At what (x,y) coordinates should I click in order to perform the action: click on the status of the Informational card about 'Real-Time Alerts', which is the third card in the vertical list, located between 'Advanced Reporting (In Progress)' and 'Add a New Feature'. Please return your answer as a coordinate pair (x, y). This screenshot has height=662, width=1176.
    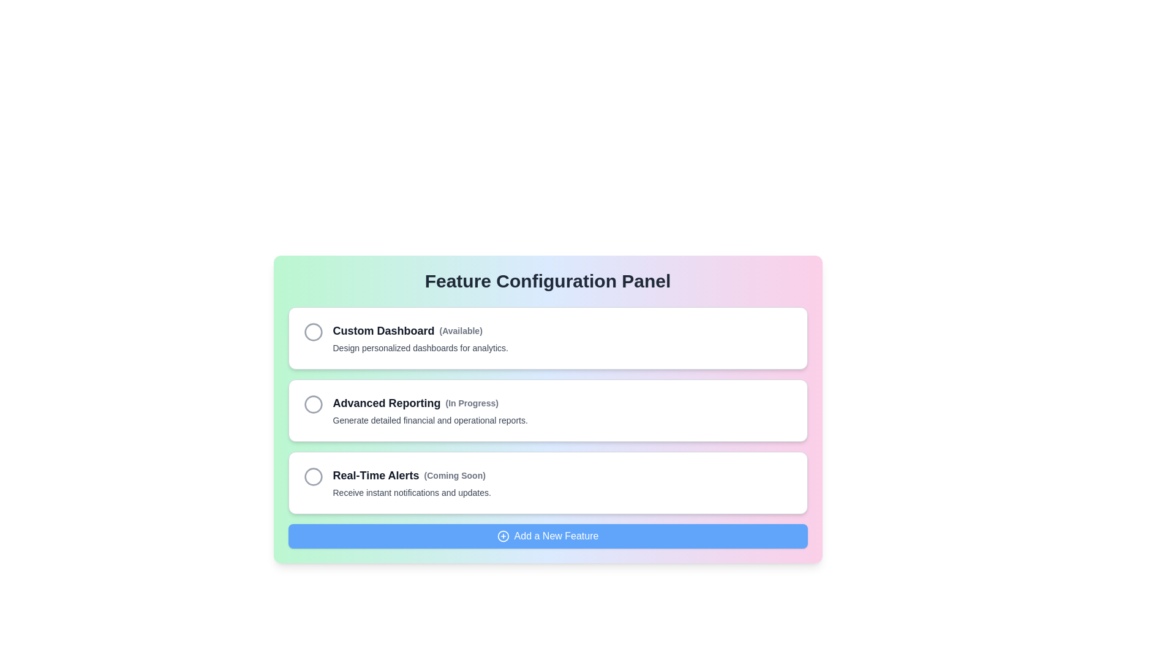
    Looking at the image, I should click on (547, 482).